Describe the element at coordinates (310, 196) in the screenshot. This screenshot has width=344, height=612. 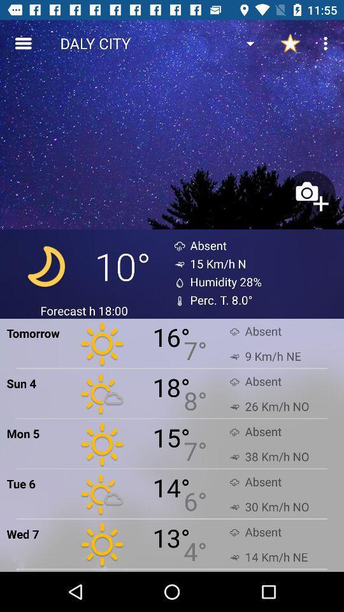
I see `open camera` at that location.